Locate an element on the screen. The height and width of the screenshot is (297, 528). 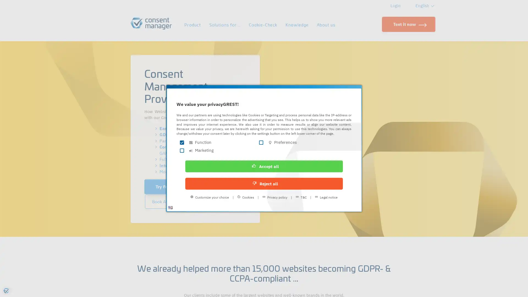
Reject all is located at coordinates (299, 172).